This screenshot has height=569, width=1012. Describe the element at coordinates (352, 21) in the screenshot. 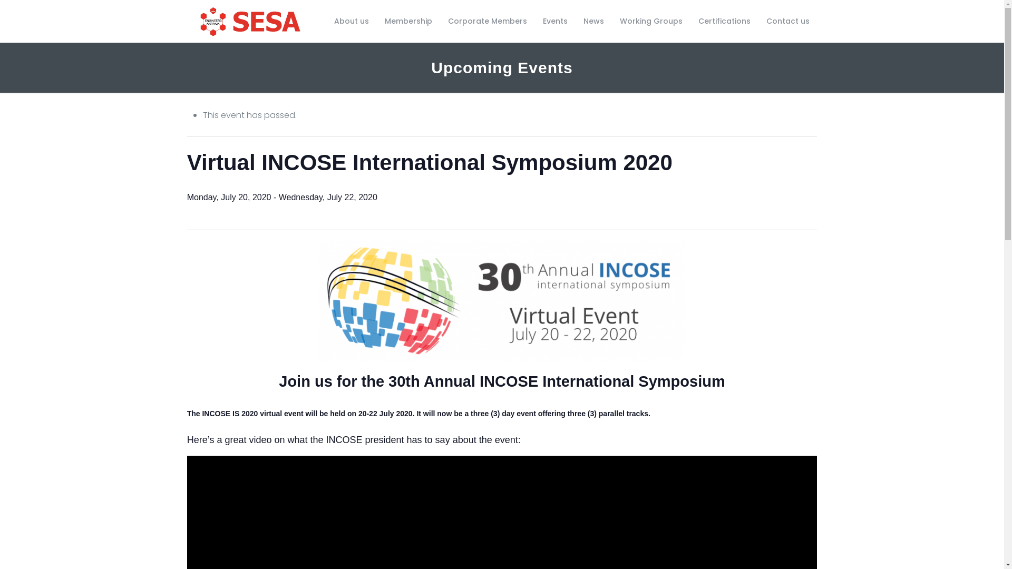

I see `'About us'` at that location.